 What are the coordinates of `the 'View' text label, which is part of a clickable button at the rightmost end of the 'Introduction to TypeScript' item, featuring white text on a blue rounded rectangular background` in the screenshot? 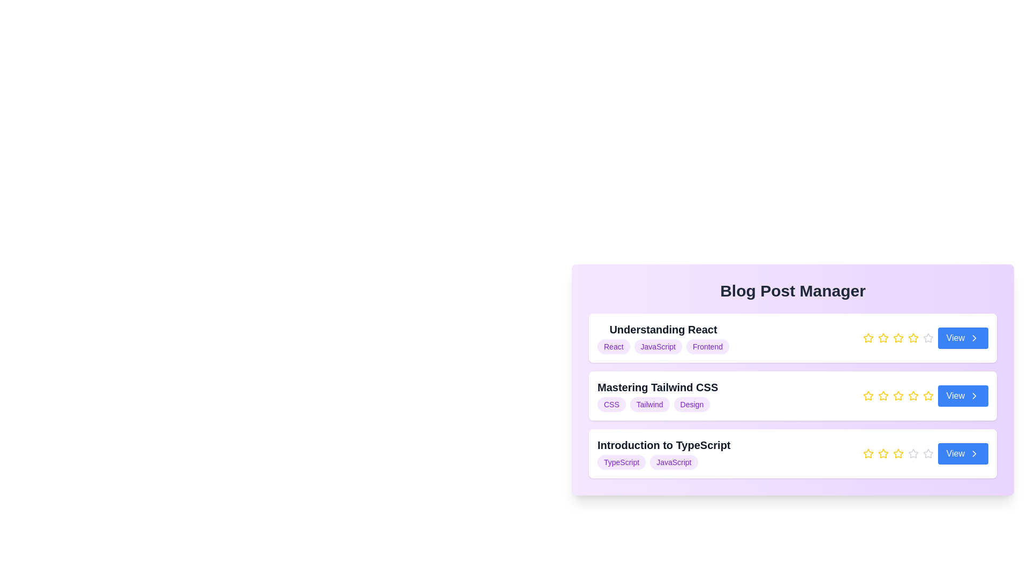 It's located at (955, 454).